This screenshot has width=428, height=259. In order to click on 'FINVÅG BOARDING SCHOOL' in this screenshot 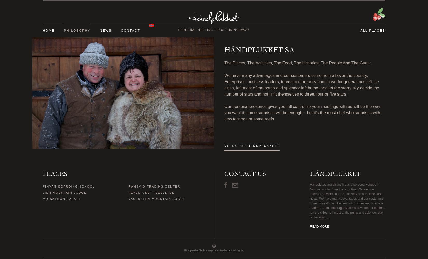, I will do `click(68, 186)`.